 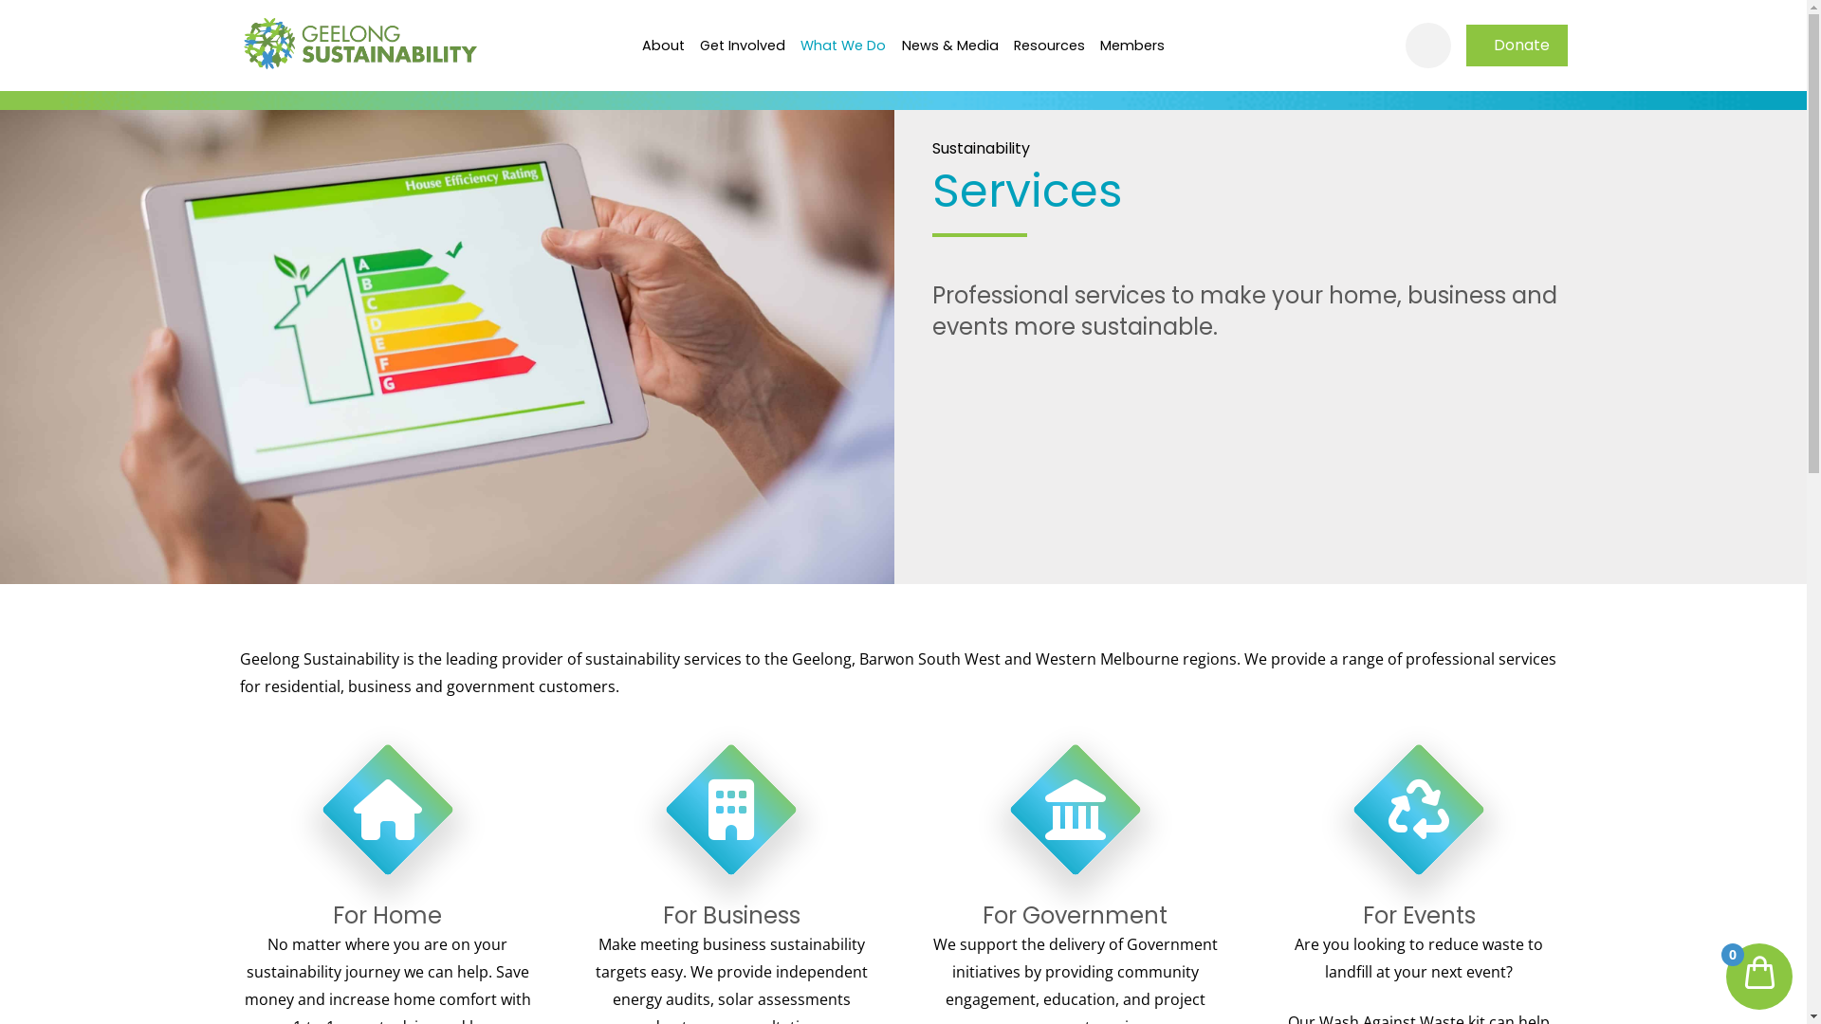 What do you see at coordinates (841, 44) in the screenshot?
I see `'What We Do'` at bounding box center [841, 44].